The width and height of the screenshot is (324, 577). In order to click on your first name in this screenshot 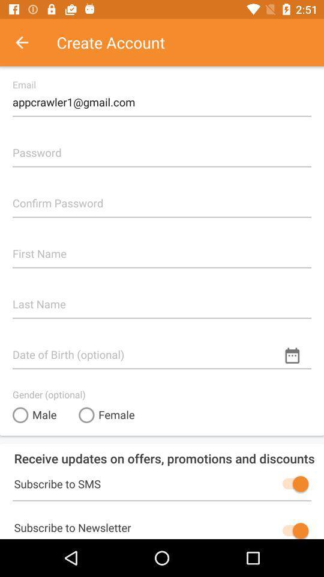, I will do `click(162, 248)`.